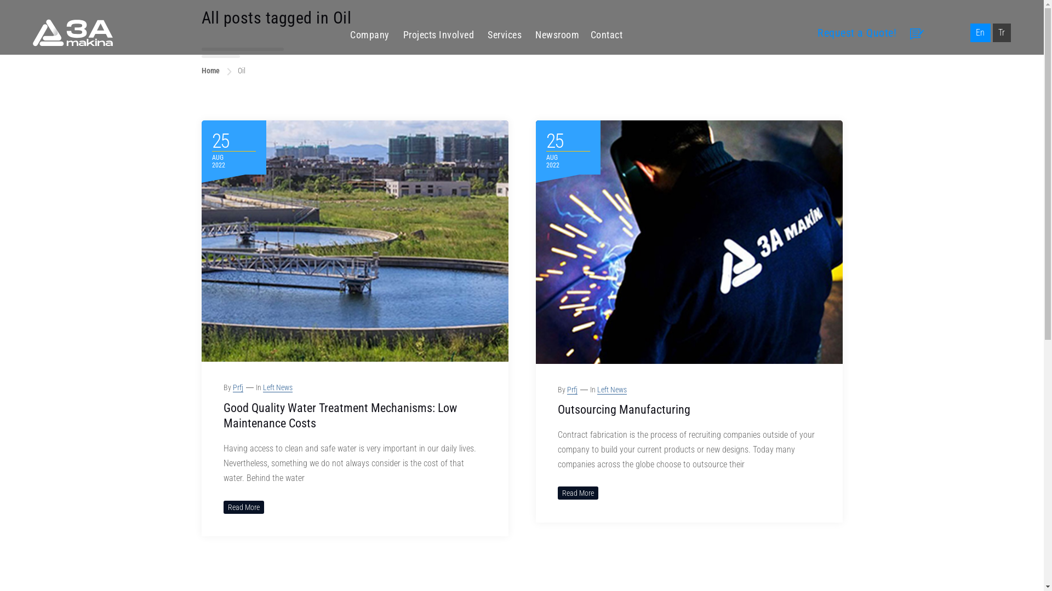 The width and height of the screenshot is (1052, 591). Describe the element at coordinates (370, 34) in the screenshot. I see `'Company'` at that location.